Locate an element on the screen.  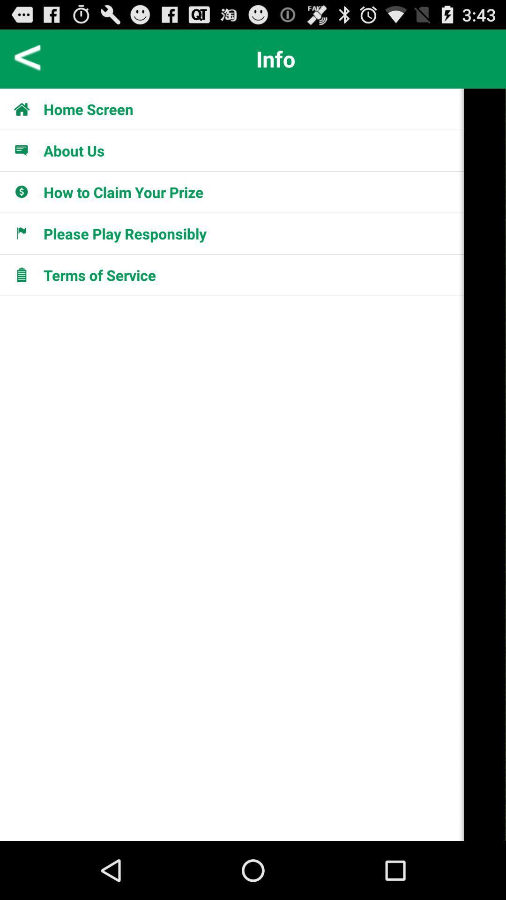
the icon in the third option is located at coordinates (26, 191).